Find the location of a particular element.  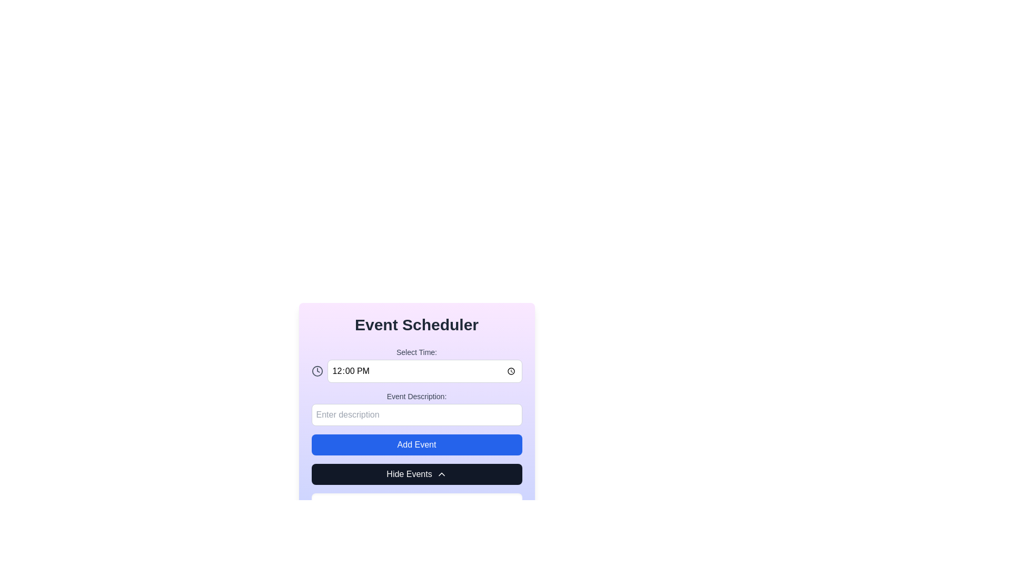

the circular graphic element representing the clock face within the Event Scheduler interface, located to the right of the 'Select Time:' input field is located at coordinates (316, 370).